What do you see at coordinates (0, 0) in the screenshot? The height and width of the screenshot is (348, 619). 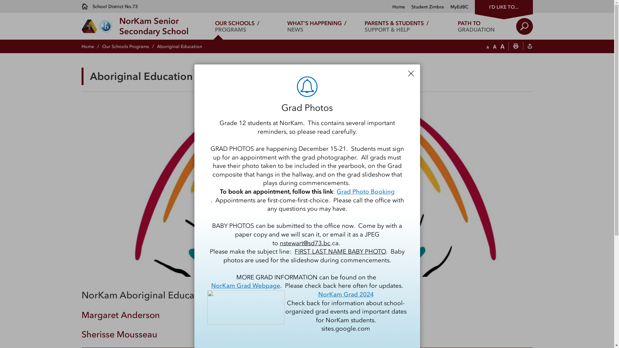 I see `'Skip to Content'` at bounding box center [0, 0].